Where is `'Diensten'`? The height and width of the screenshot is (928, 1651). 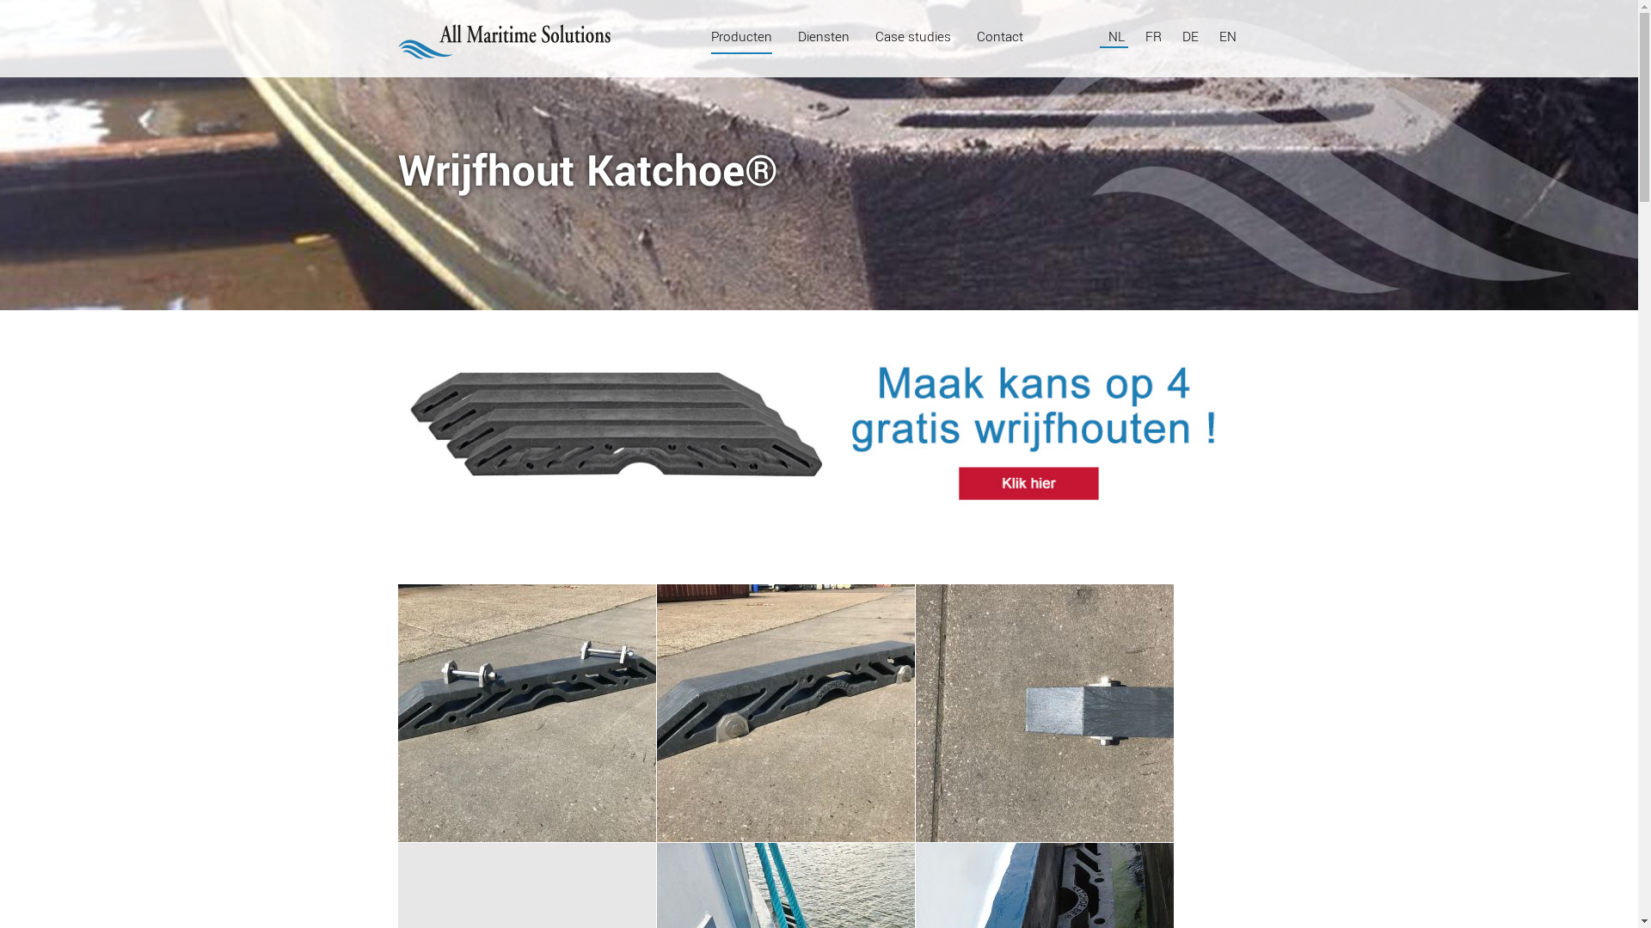 'Diensten' is located at coordinates (796, 36).